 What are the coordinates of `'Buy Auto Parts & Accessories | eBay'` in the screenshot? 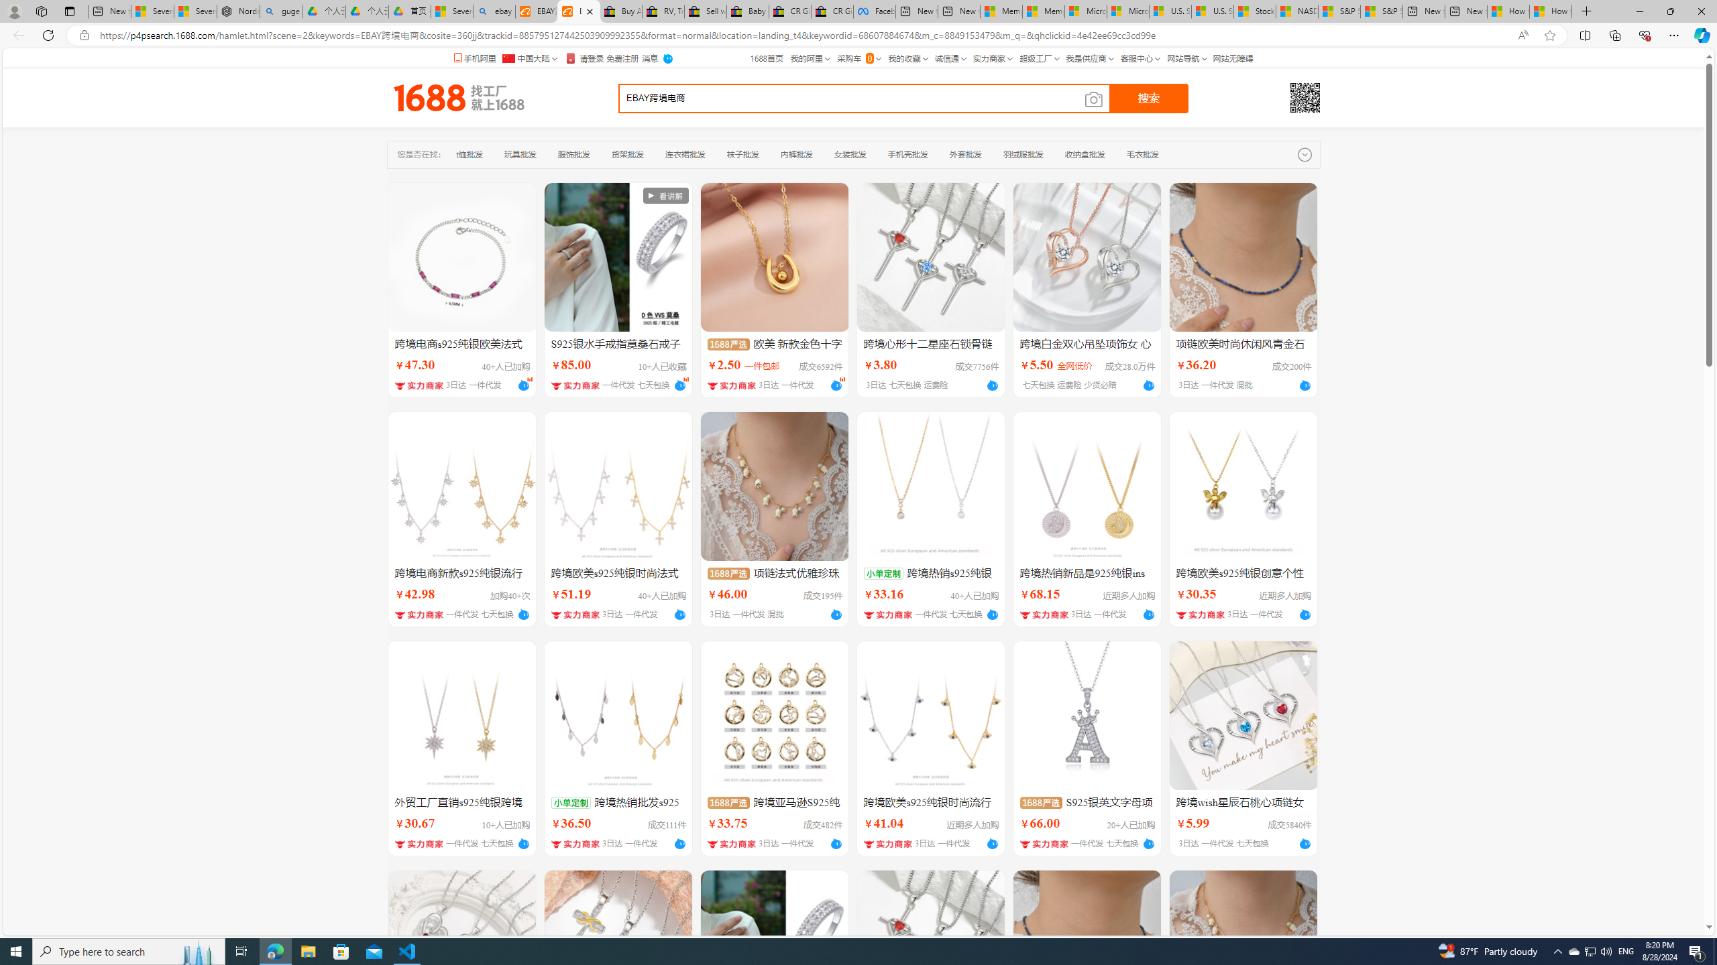 It's located at (620, 11).